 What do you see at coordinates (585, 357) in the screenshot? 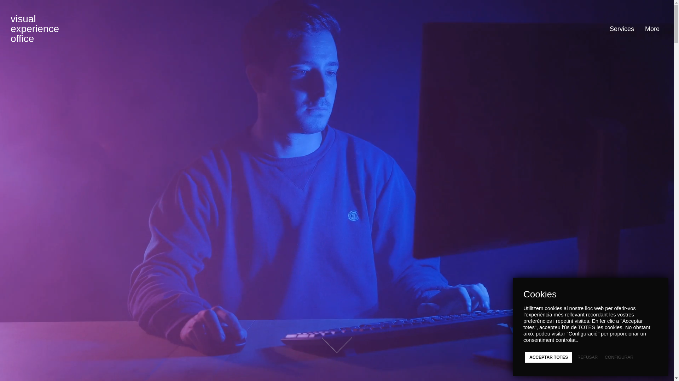
I see `'REFUSAR'` at bounding box center [585, 357].